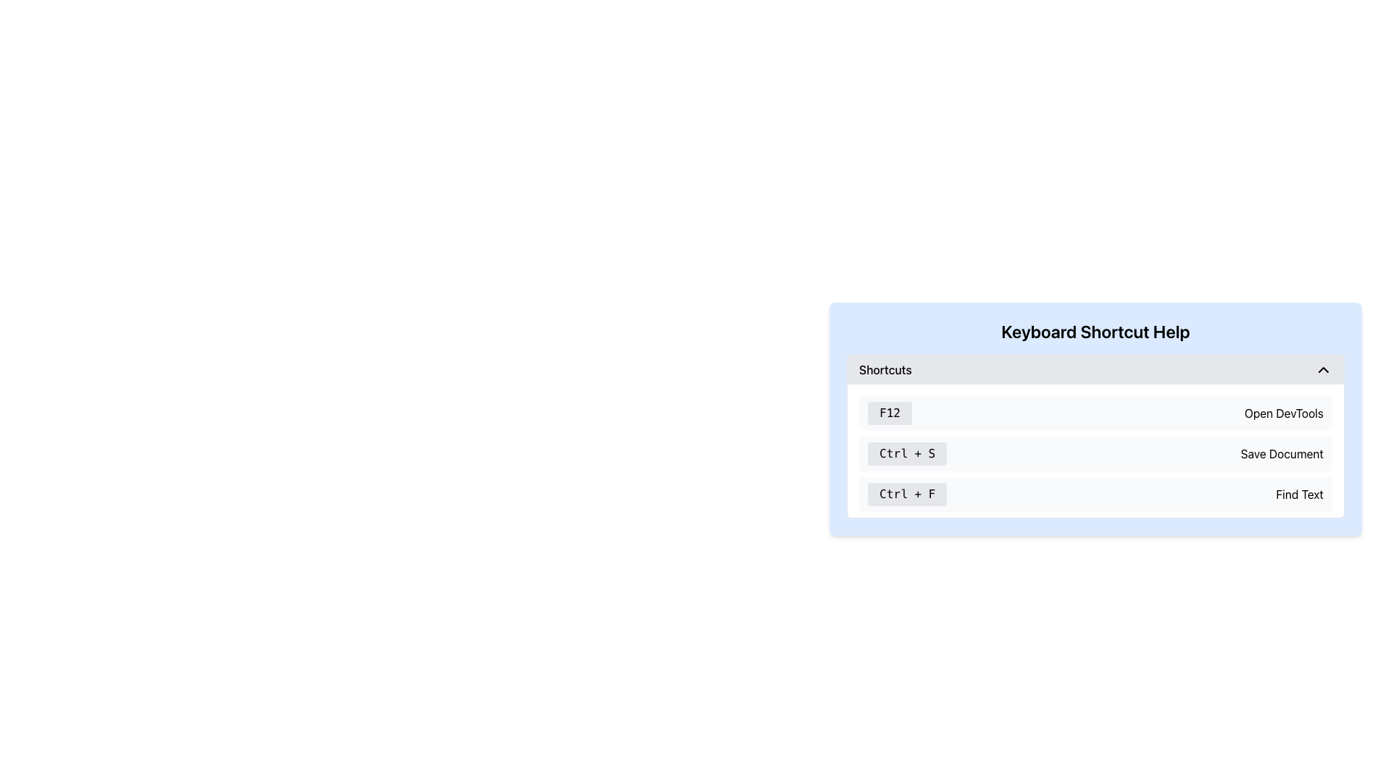 The width and height of the screenshot is (1391, 782). What do you see at coordinates (1095, 419) in the screenshot?
I see `the collapse arrow of the 'Keyboard Shortcut Help' informational panel` at bounding box center [1095, 419].